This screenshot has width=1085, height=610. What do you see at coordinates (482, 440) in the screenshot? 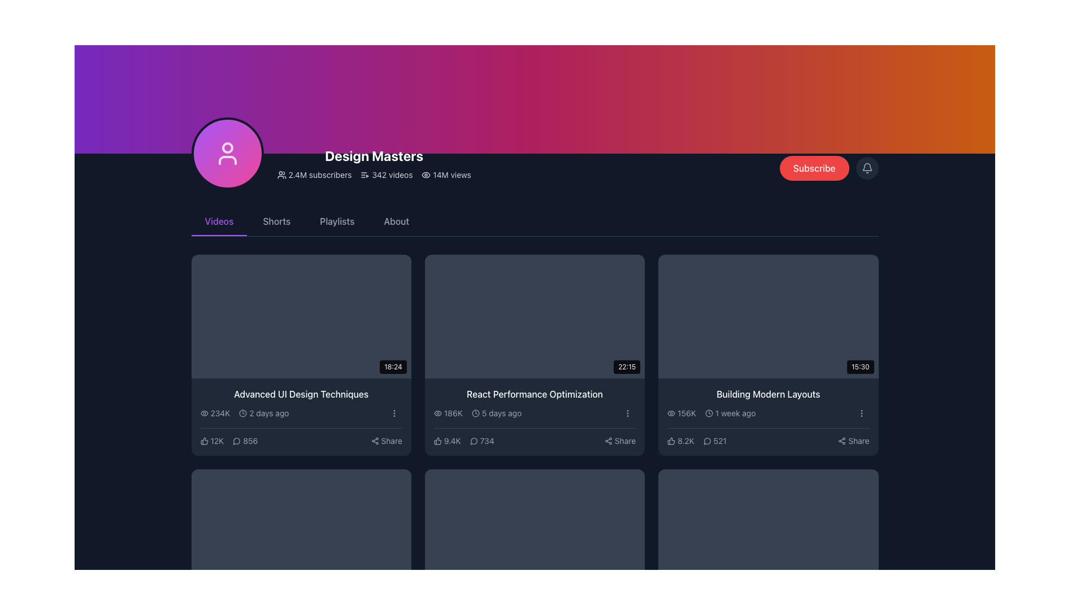
I see `the comment count indicator displaying '734' next to a speech bubble icon` at bounding box center [482, 440].